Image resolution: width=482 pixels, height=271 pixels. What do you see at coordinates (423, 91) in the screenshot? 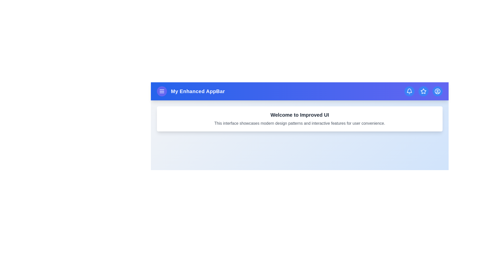
I see `the star icon to mark as favorite` at bounding box center [423, 91].